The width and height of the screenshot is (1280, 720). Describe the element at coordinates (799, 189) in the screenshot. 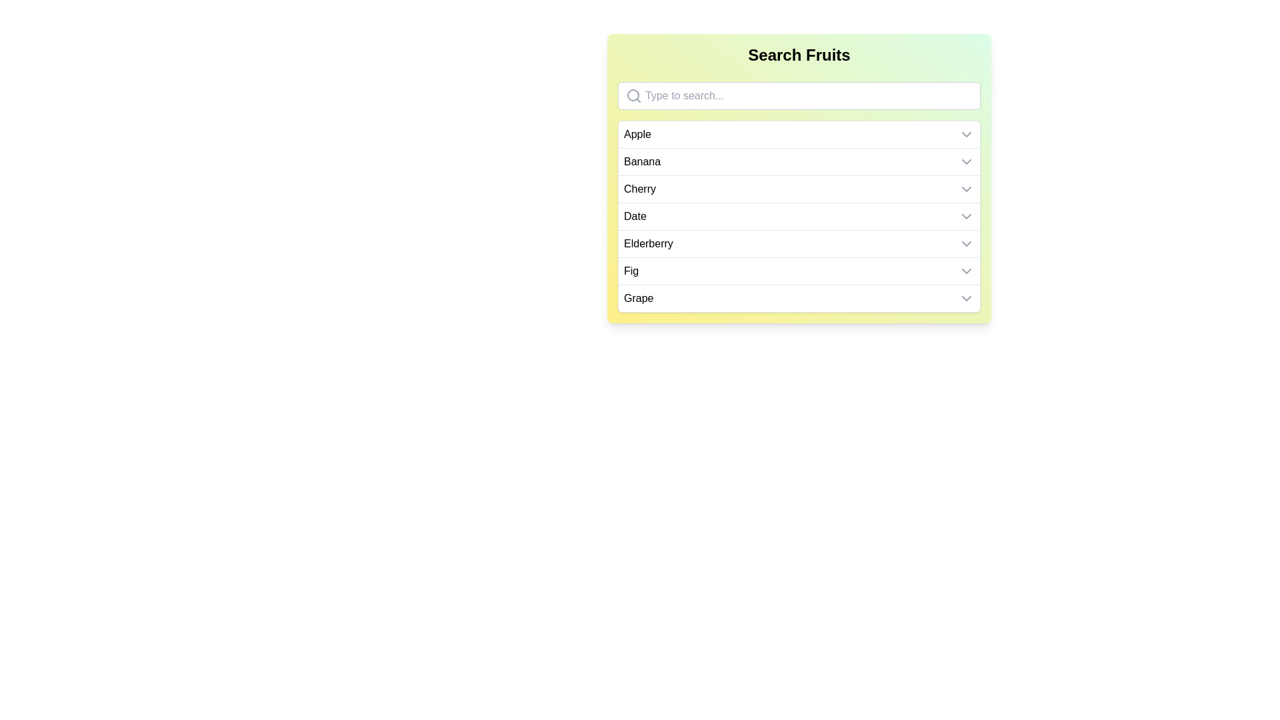

I see `the 'Cherry' list item with a dropdown indicator` at that location.